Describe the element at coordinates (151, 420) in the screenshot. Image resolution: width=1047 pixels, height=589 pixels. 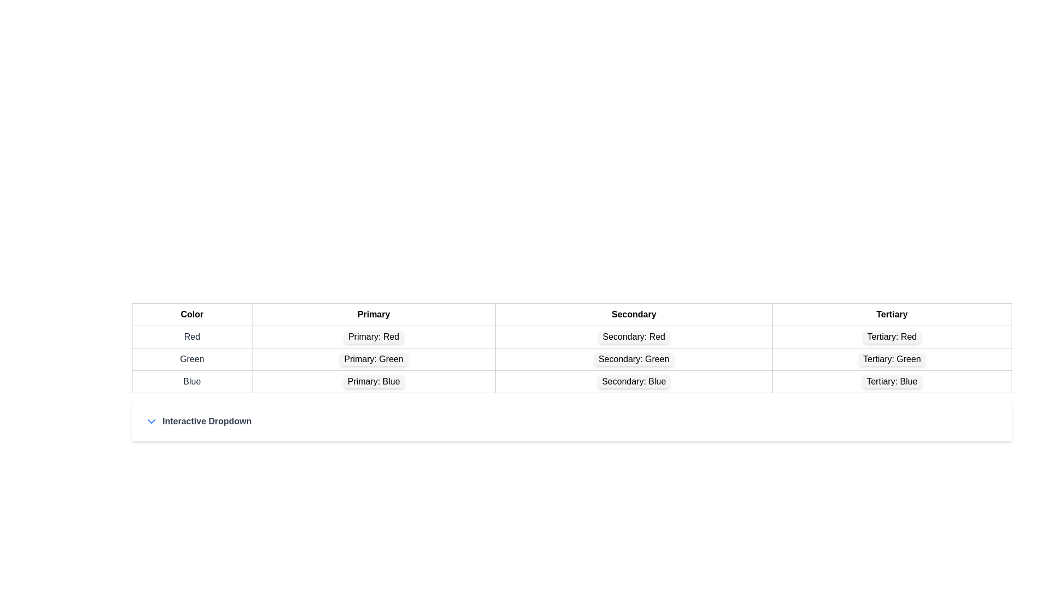
I see `the blue downward-pointing chevron icon located to the left of the 'Interactive Dropdown' text` at that location.